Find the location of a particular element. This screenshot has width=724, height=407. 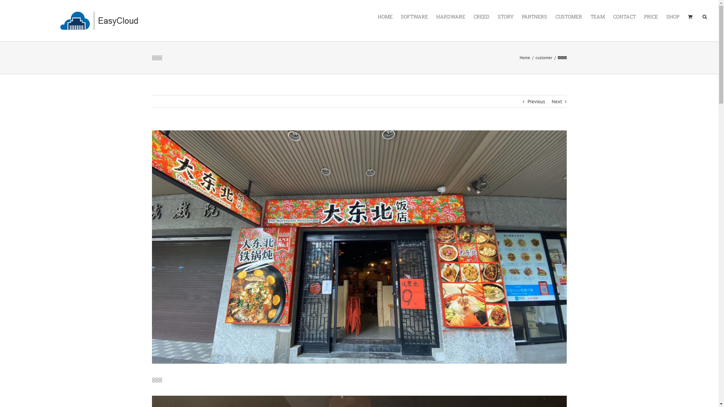

'HARDWARE' is located at coordinates (451, 16).